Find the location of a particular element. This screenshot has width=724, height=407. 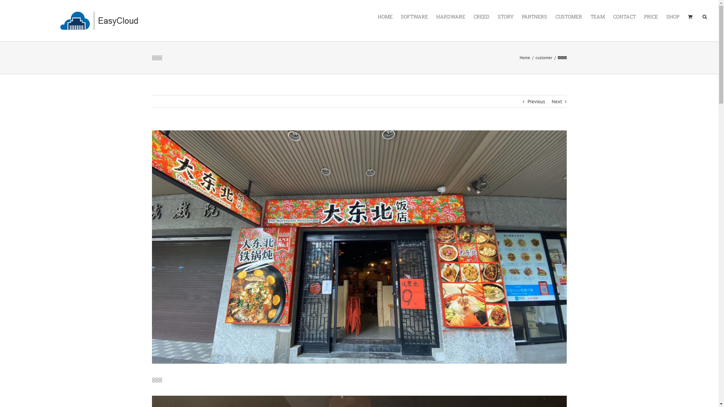

'HARDWARE' is located at coordinates (451, 16).